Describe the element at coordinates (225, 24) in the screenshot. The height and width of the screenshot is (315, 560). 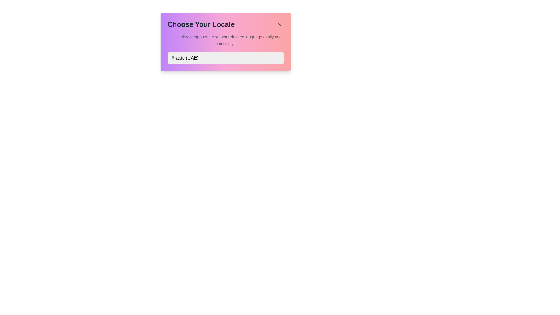
I see `the 'Choose Your Locale' text label or its accompanying dropdown indicator icon` at that location.